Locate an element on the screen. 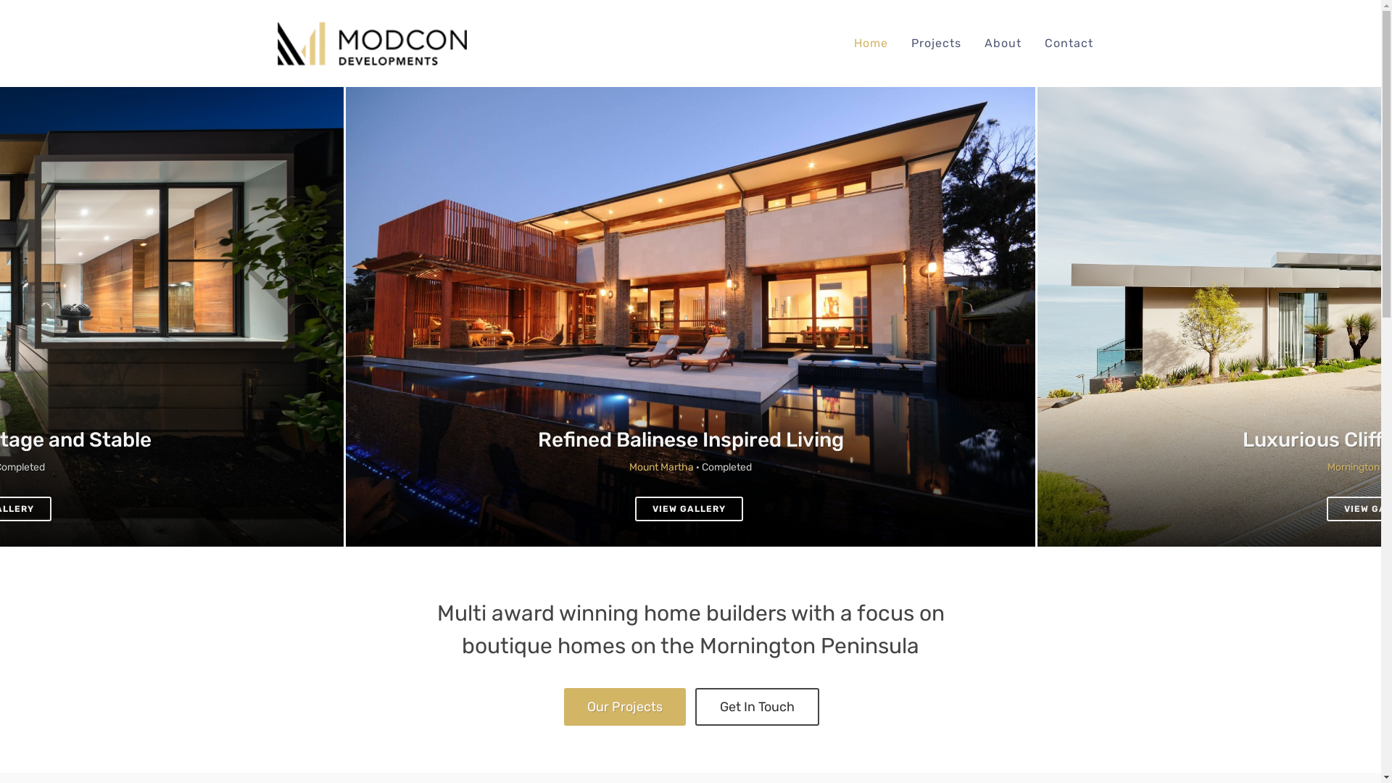  'Get In Touch' is located at coordinates (756, 706).